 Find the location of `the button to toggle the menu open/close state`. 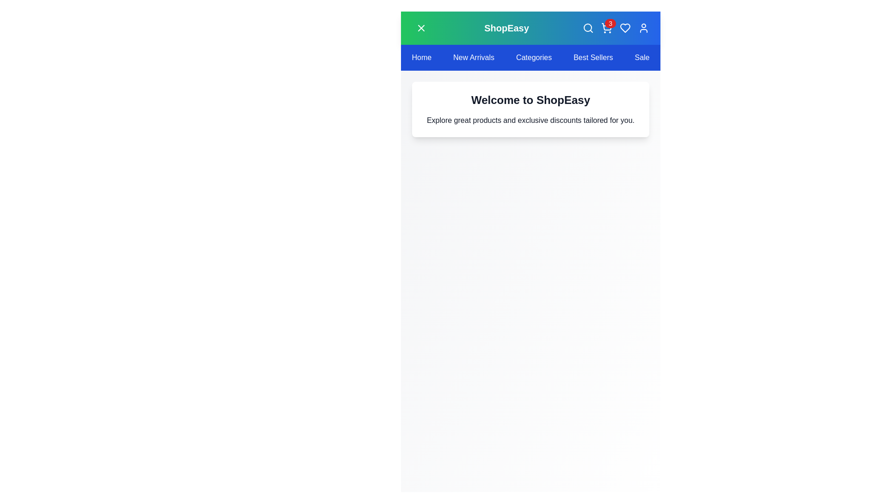

the button to toggle the menu open/close state is located at coordinates (421, 28).